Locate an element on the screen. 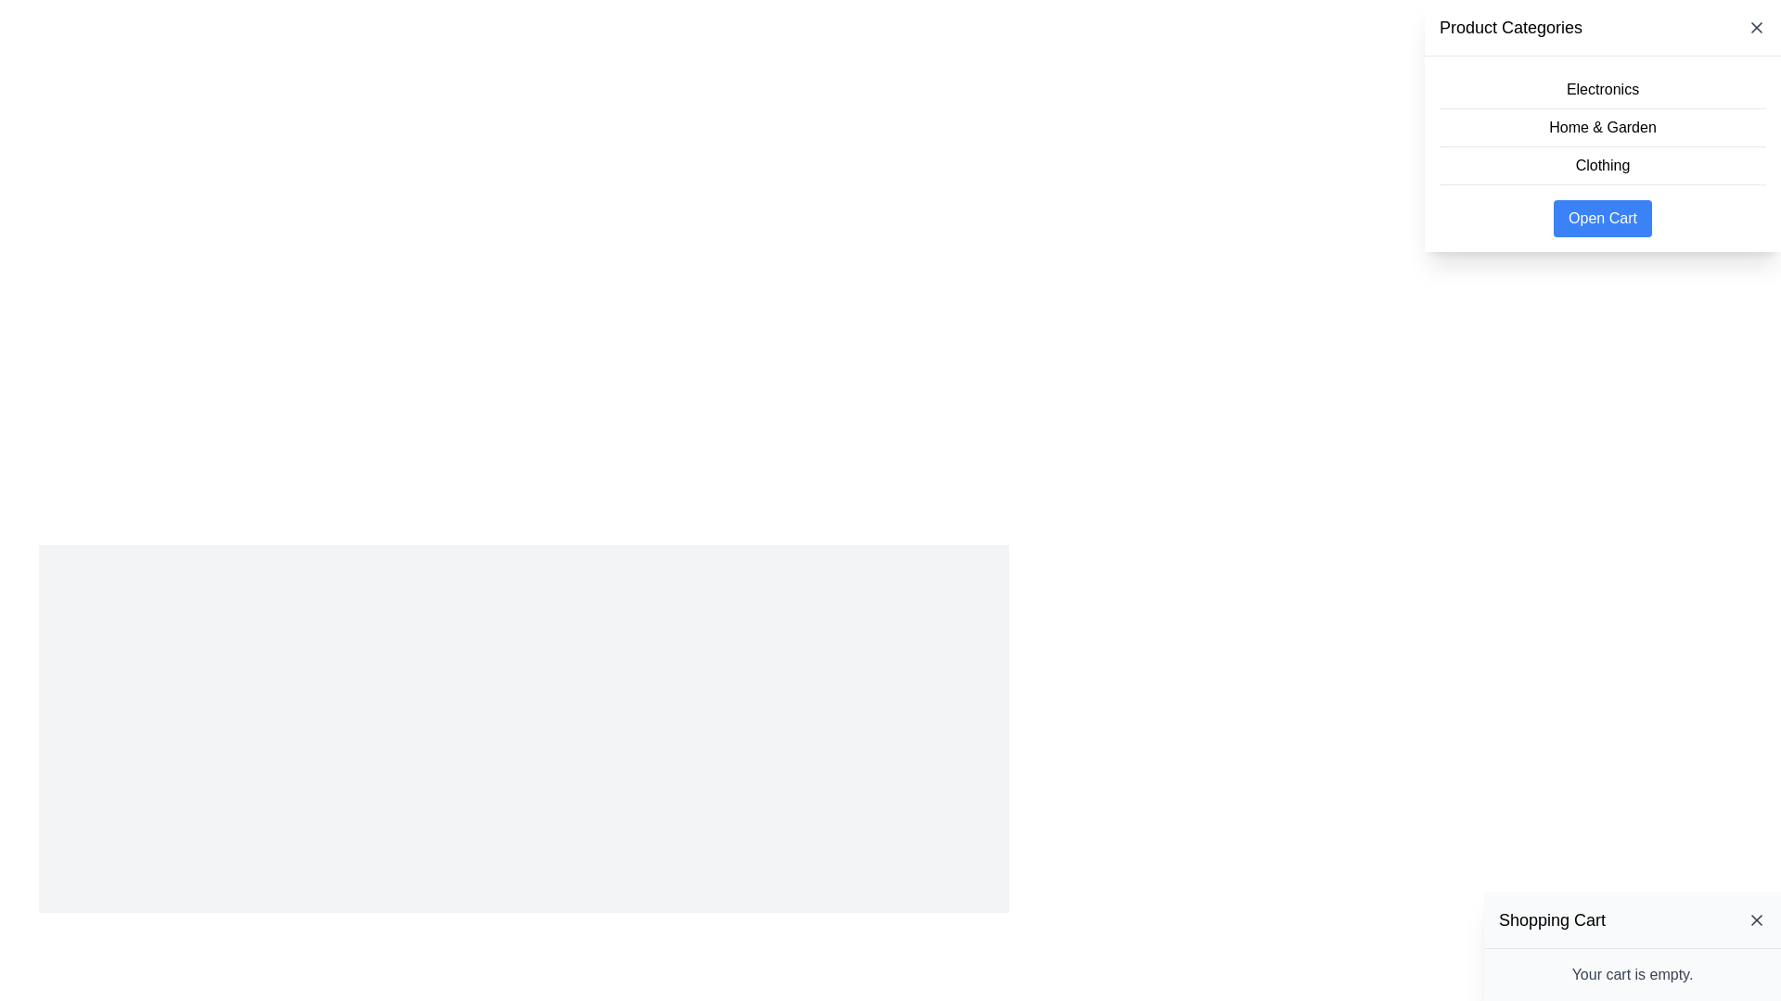  the 'Electronics' category text label, which is the first item in the vertical list under 'Product Categories.' is located at coordinates (1602, 90).